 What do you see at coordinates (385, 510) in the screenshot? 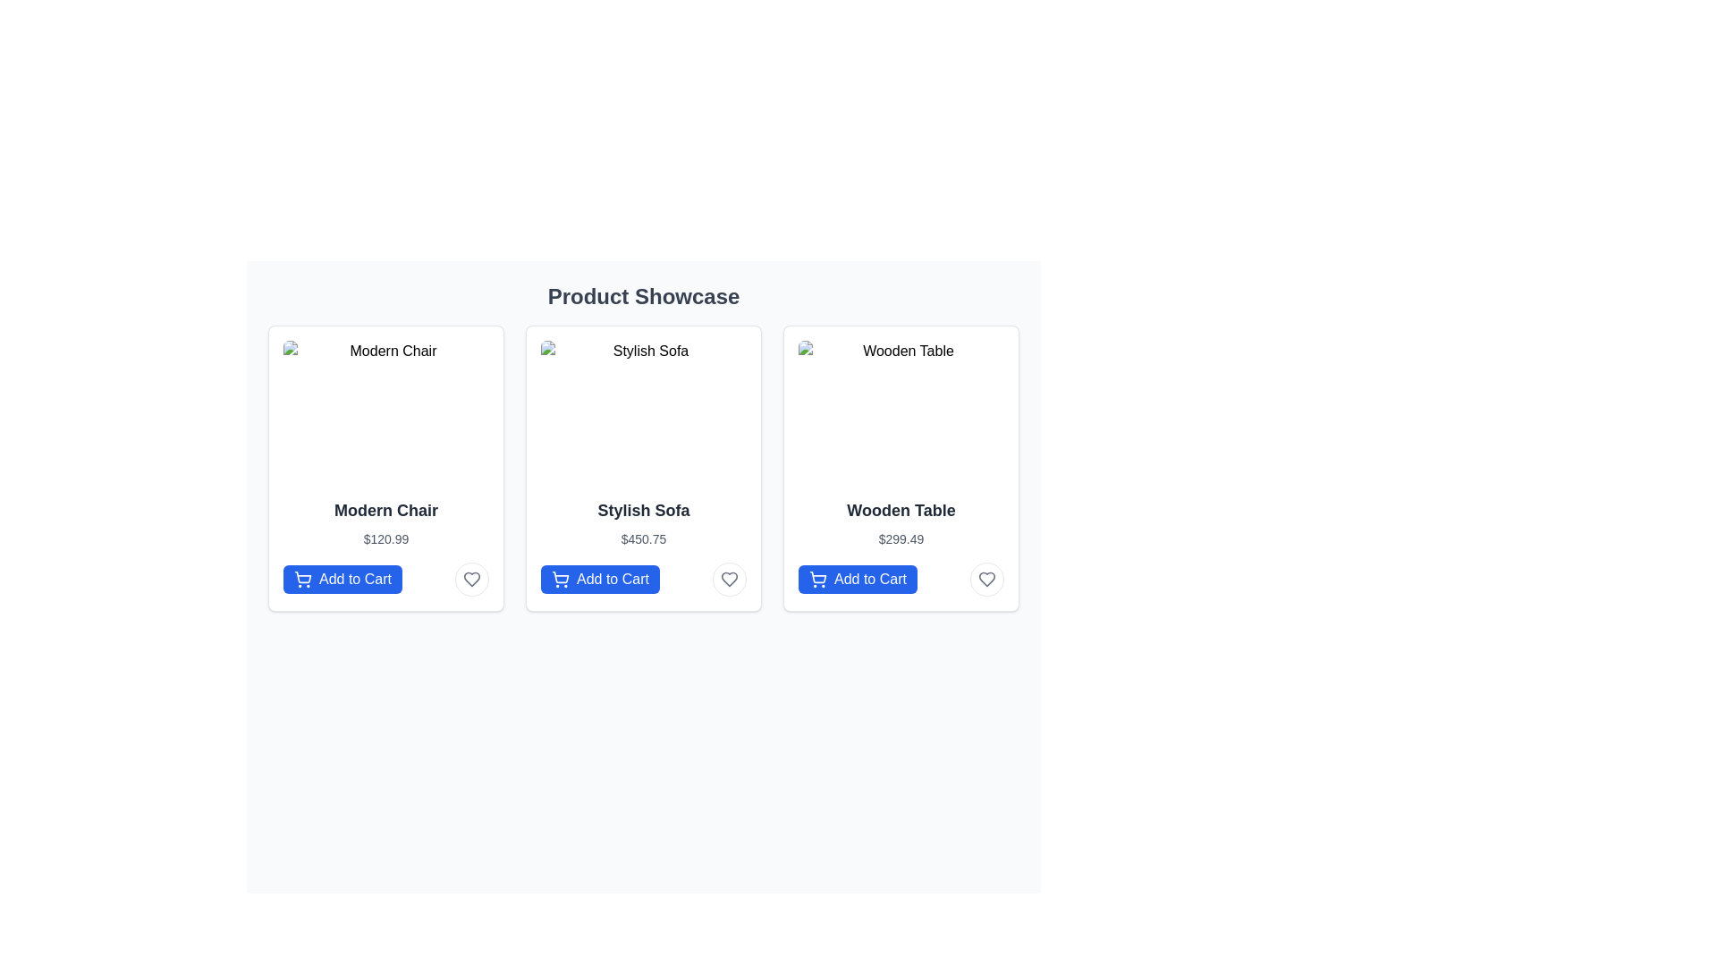
I see `the static text label that serves as the title of the product in the leftmost card, positioned below the image and above the price '$120.99'` at bounding box center [385, 510].